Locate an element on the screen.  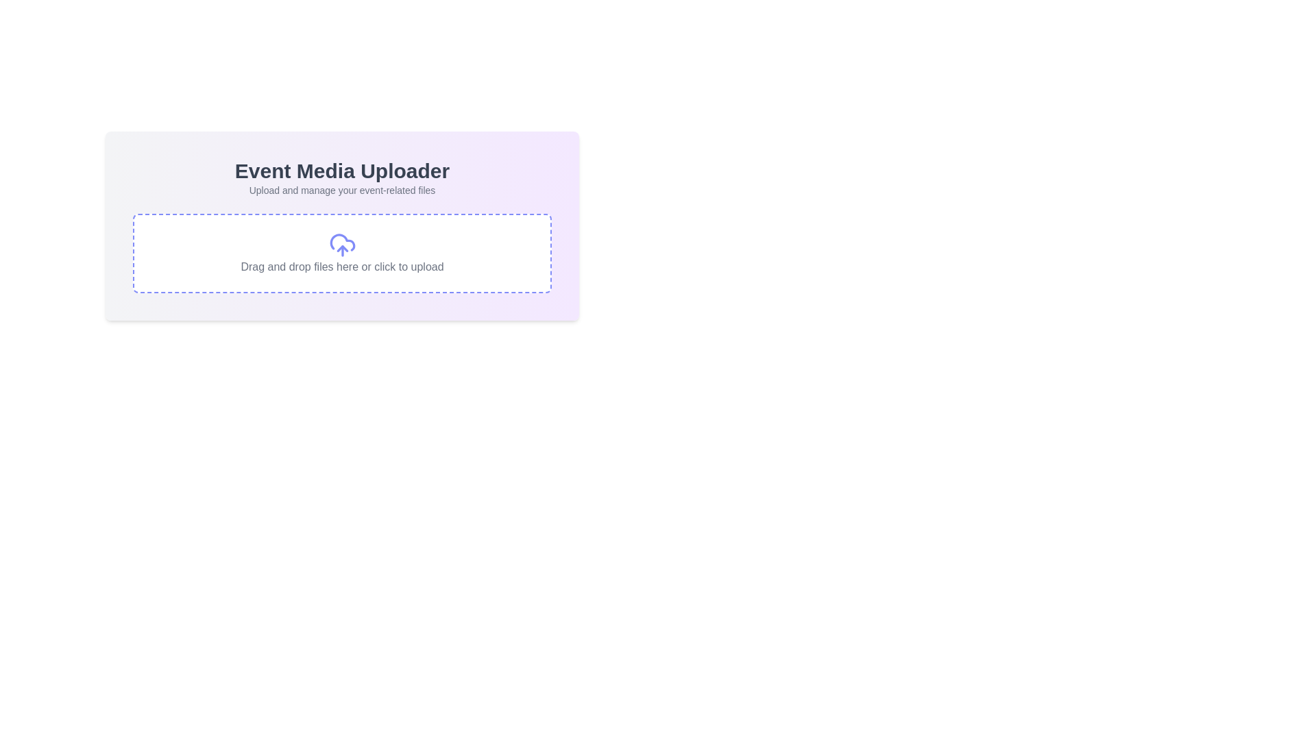
the file upload interface component located beneath the 'Event Media Uploader' section to observe any hover effects is located at coordinates (342, 254).